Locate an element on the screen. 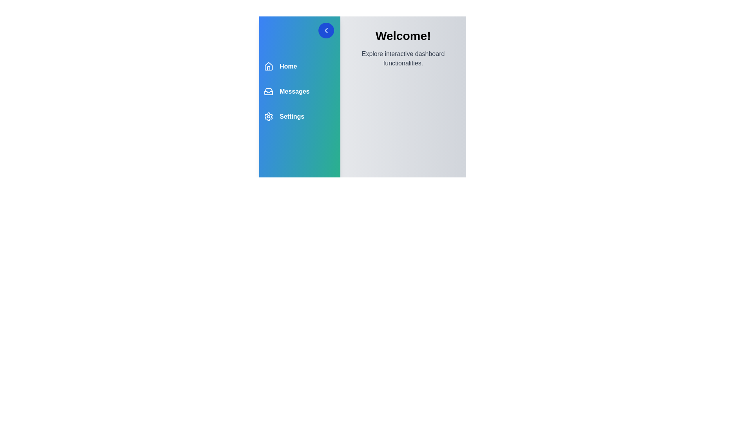  the bold and large-sized text label displaying 'Welcome!' at the top center of the right-hand panel is located at coordinates (403, 36).